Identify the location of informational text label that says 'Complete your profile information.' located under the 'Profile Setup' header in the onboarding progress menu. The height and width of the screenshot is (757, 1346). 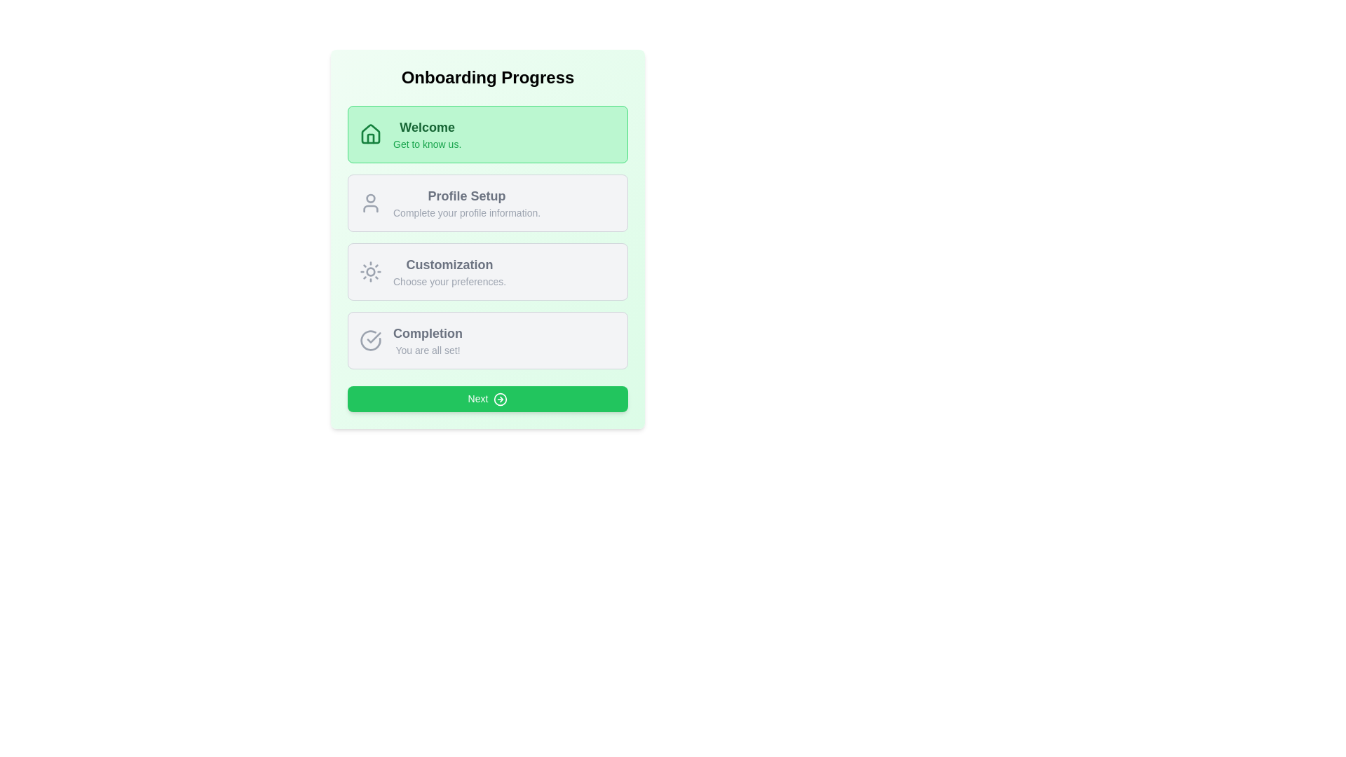
(467, 213).